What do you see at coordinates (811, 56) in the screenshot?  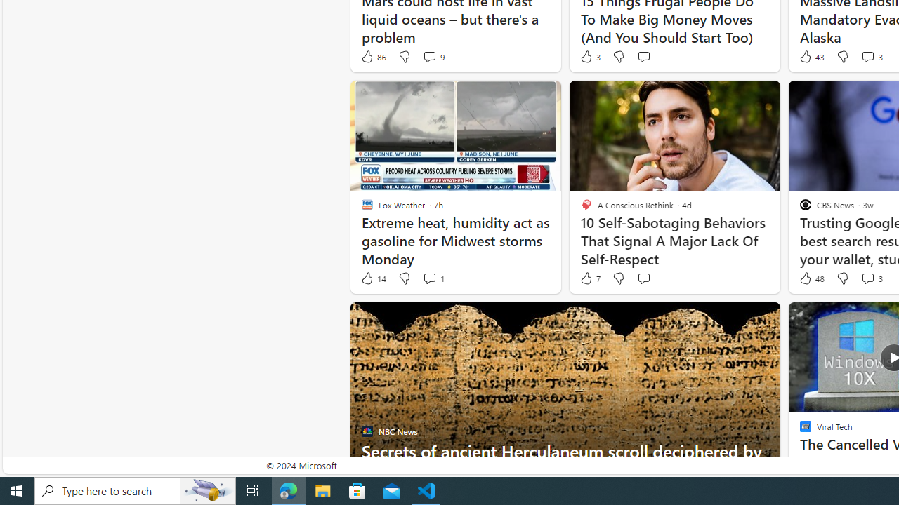 I see `'43 Like'` at bounding box center [811, 56].